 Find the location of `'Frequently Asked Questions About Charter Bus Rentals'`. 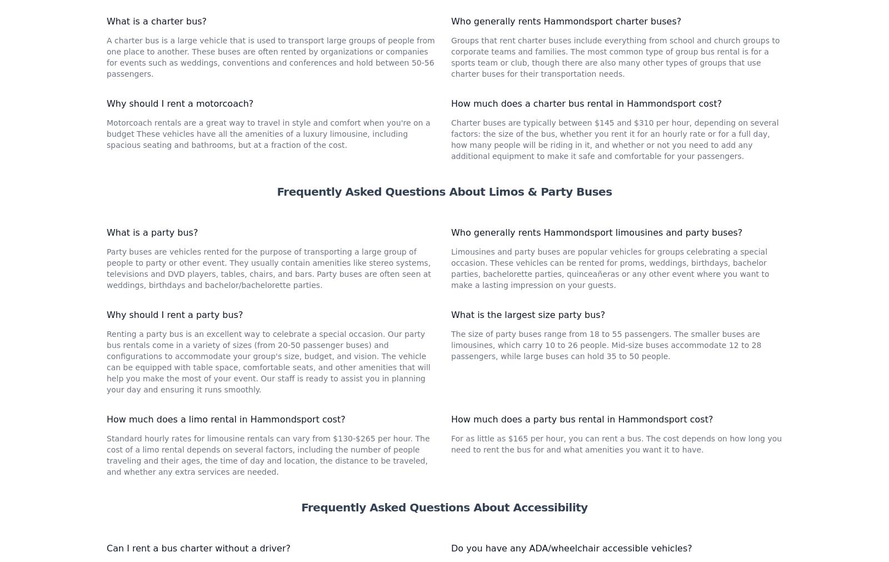

'Frequently Asked Questions About Charter Bus Rentals' is located at coordinates (444, 128).